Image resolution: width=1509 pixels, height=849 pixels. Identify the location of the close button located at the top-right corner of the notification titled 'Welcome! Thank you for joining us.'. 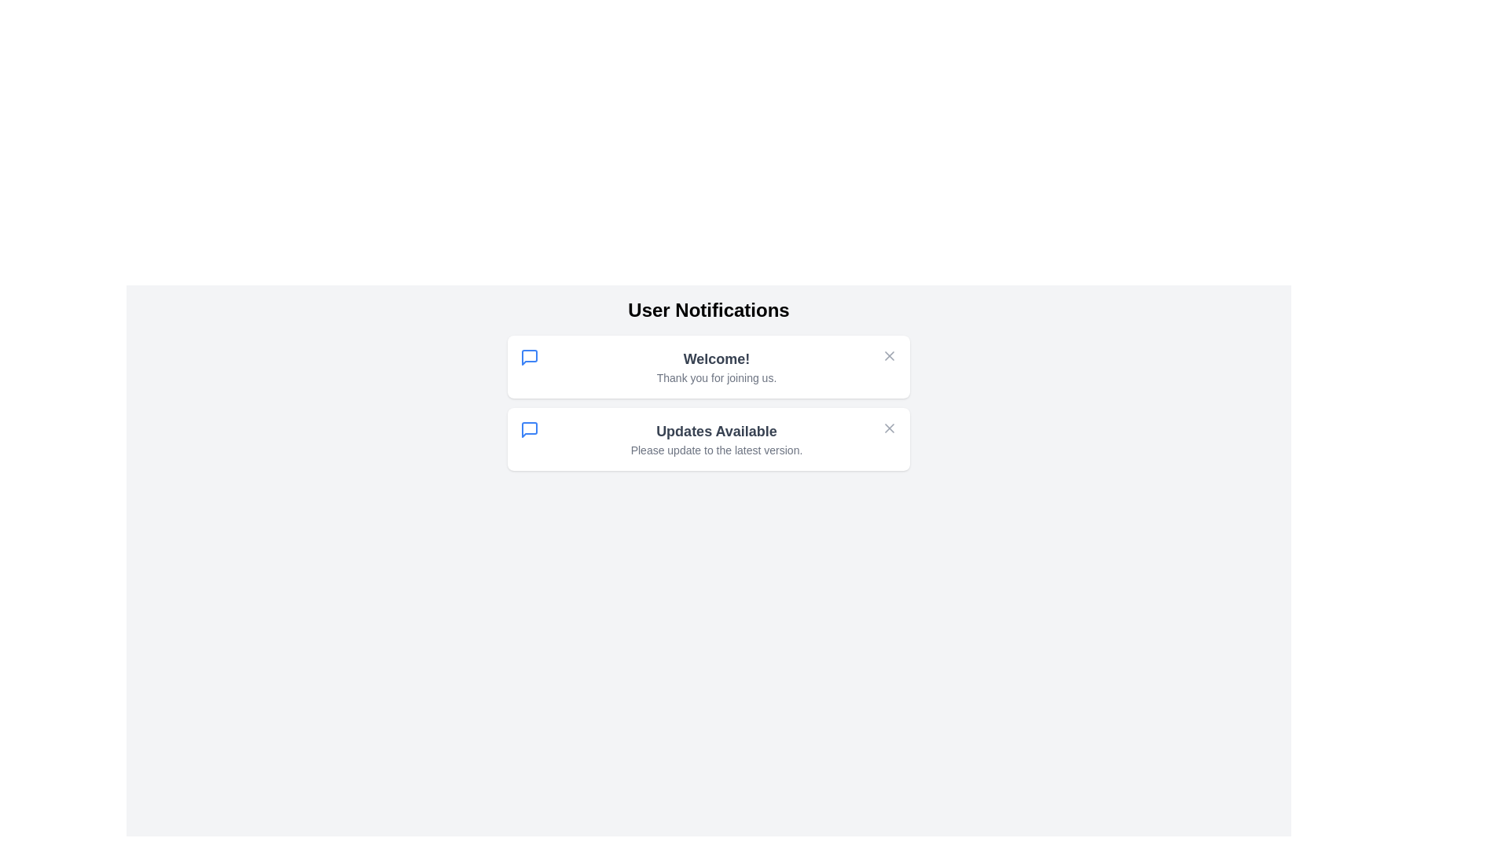
(890, 355).